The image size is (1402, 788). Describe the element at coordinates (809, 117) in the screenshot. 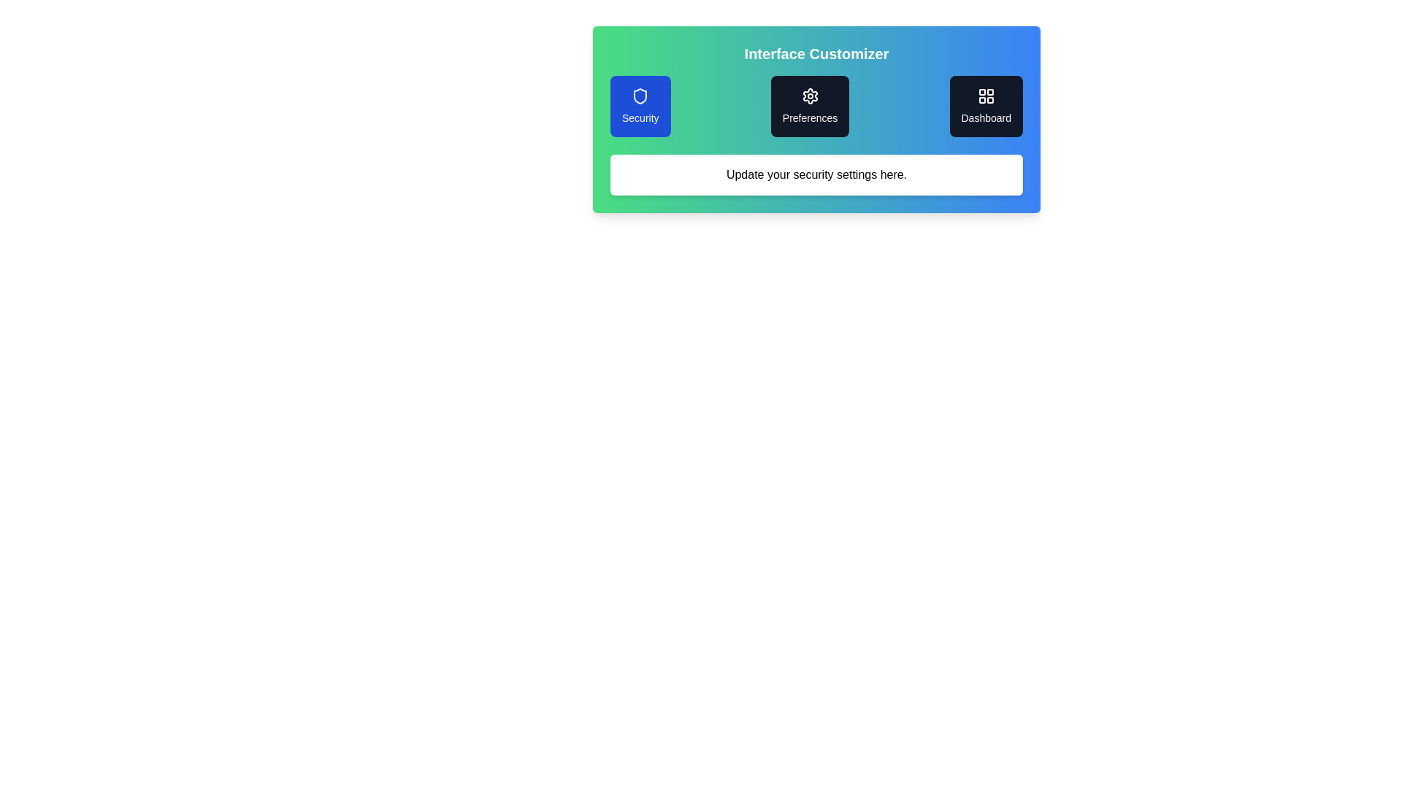

I see `the 'Preferences' text label, which is styled with the class 'mt-2 text-sm' and located below a settings icon within a dark rectangular card` at that location.